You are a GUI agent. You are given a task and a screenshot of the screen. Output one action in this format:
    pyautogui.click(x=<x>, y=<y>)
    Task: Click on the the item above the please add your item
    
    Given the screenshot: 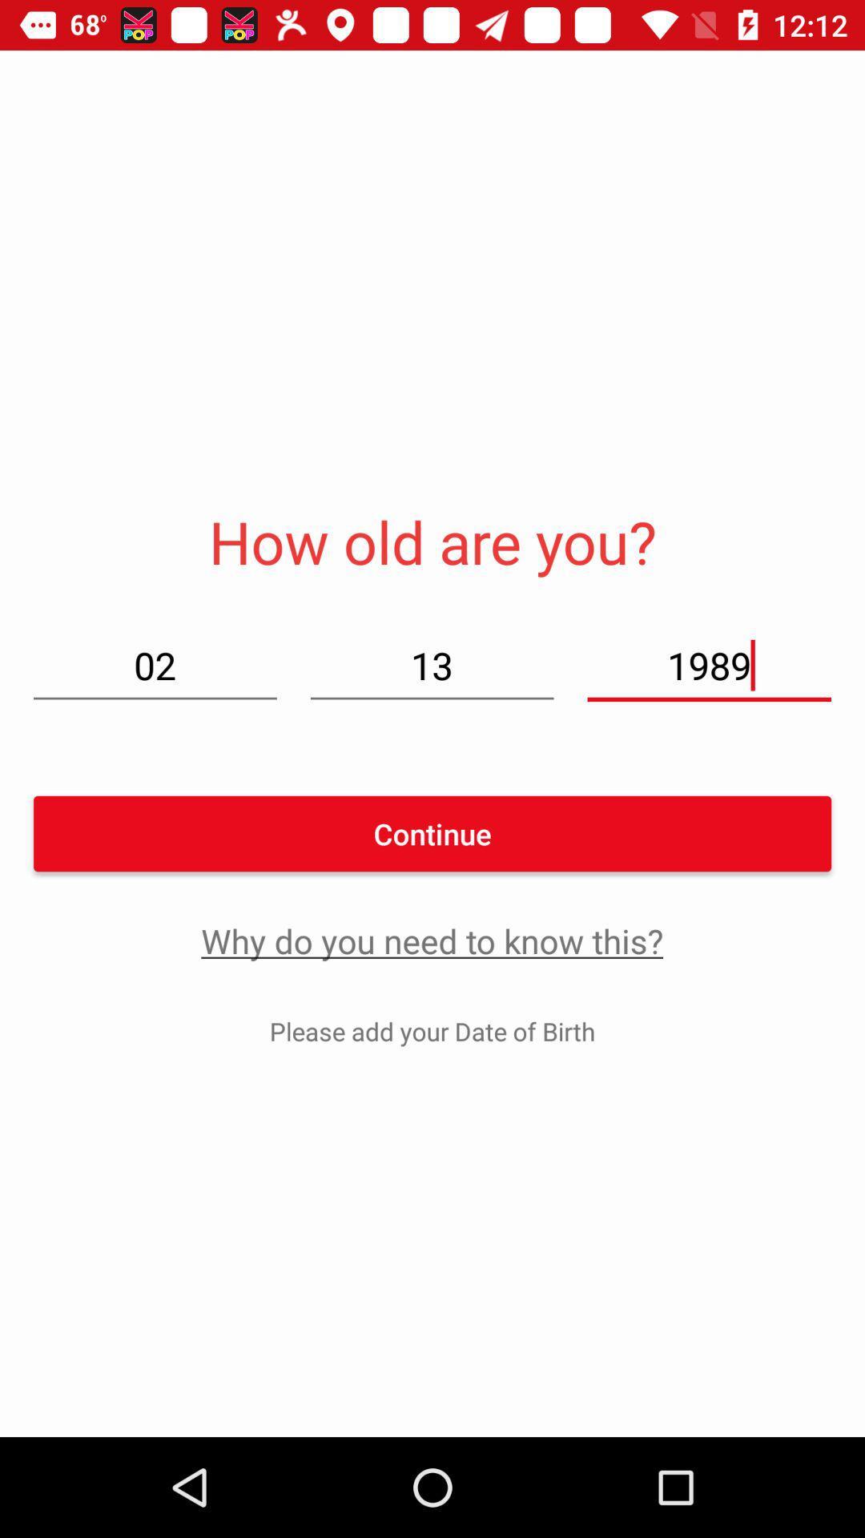 What is the action you would take?
    pyautogui.click(x=431, y=940)
    